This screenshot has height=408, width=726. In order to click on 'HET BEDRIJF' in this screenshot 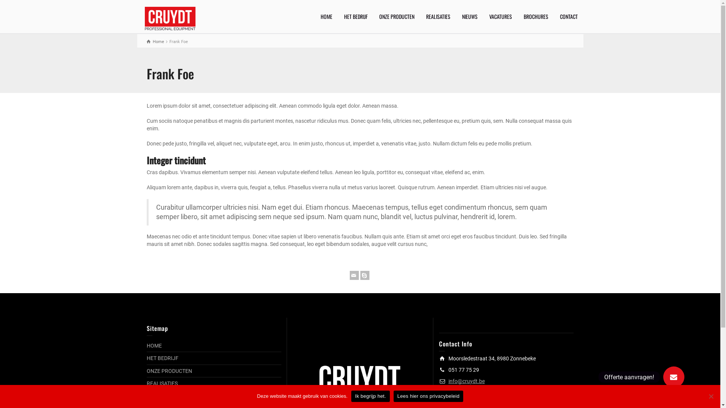, I will do `click(355, 16)`.